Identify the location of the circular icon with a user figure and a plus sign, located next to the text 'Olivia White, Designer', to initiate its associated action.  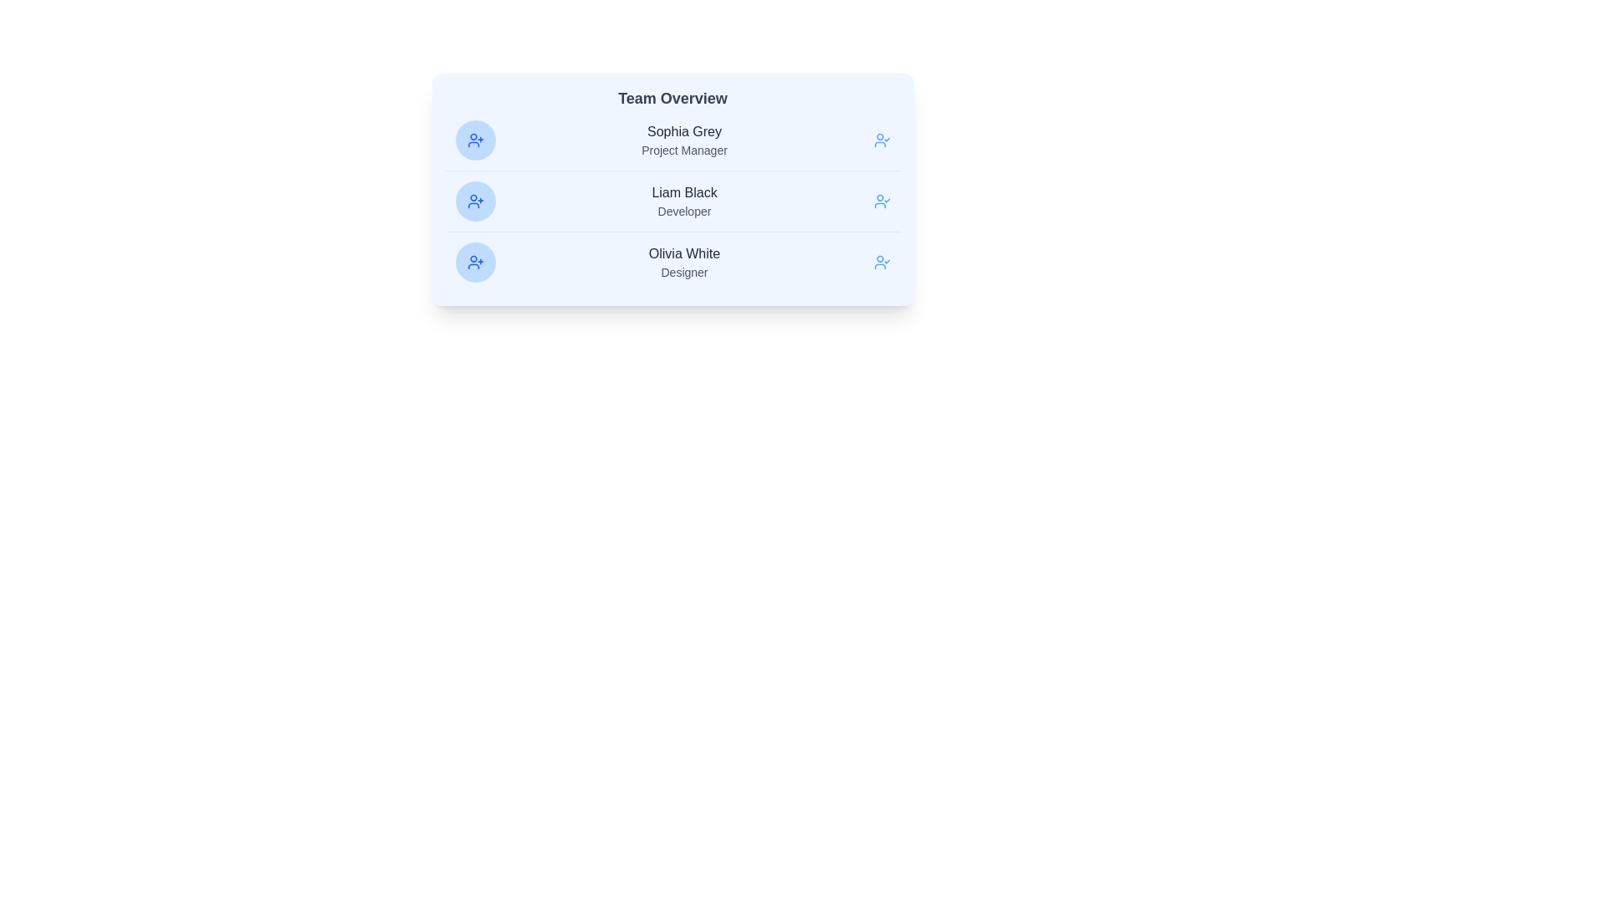
(474, 262).